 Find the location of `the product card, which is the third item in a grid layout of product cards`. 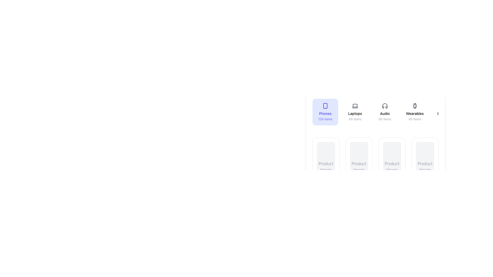

the product card, which is the third item in a grid layout of product cards is located at coordinates (375, 159).